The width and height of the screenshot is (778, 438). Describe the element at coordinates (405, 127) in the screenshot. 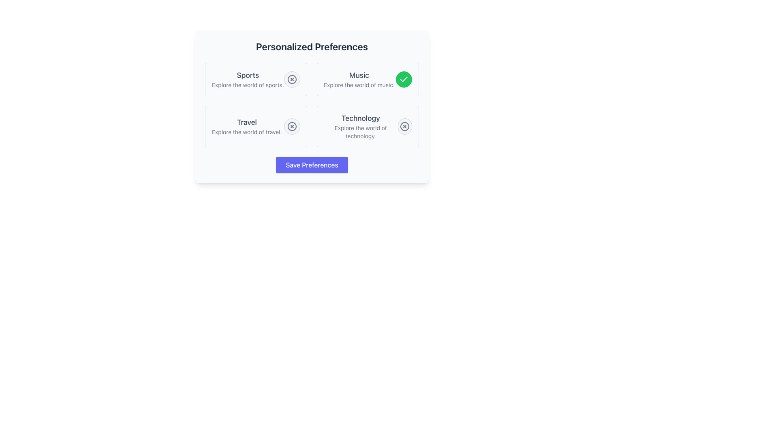

I see `the deselect button located in the lower right corner of the 'Technology' preference card` at that location.